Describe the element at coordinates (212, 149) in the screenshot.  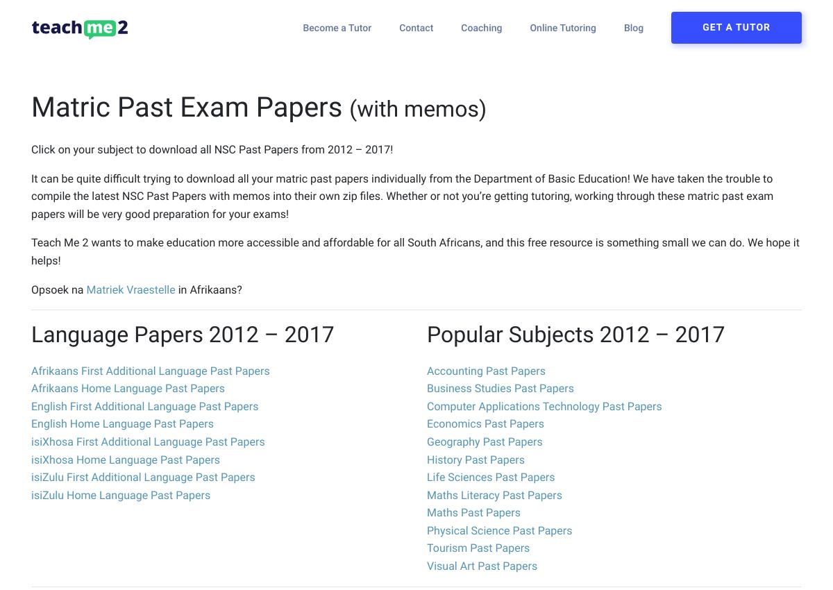
I see `'Click on your subject to download all NSC Past Papers from 2012 – 2017!'` at that location.